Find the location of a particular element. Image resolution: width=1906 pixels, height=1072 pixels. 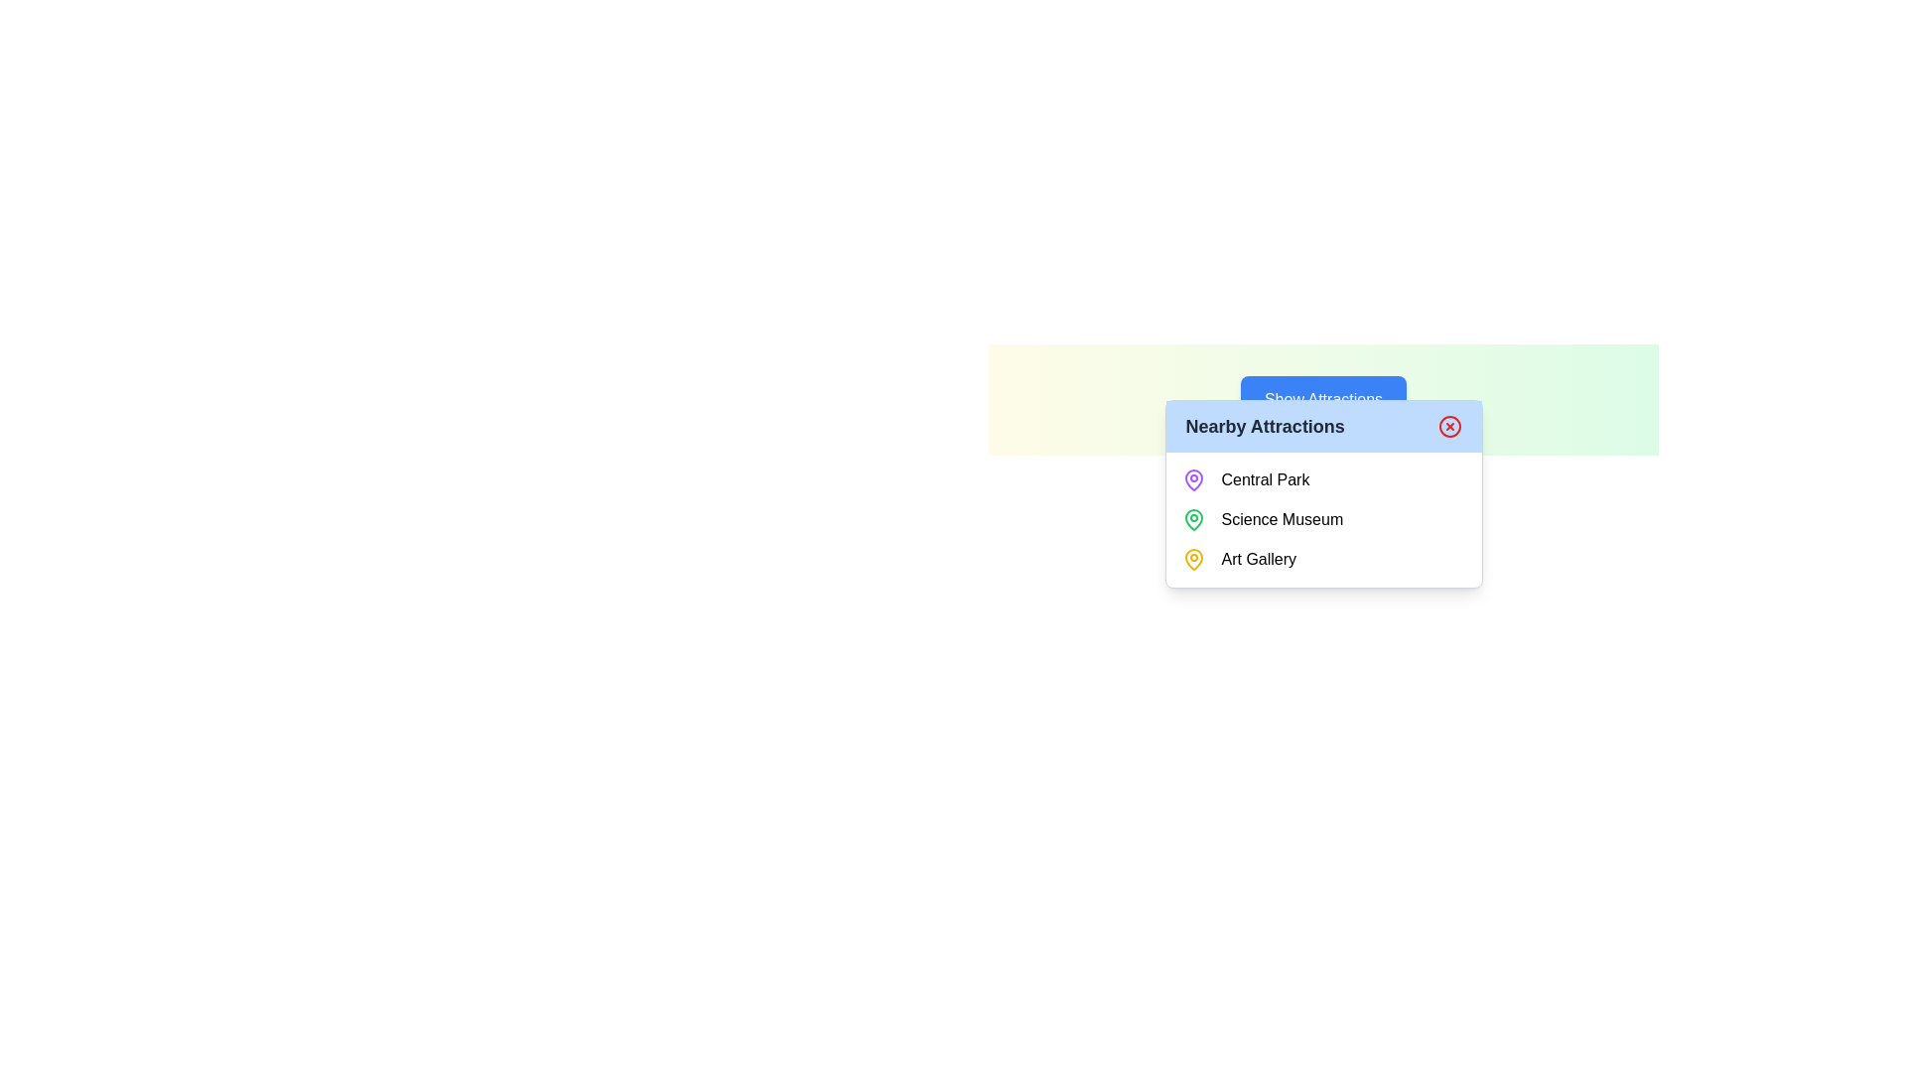

the Close button, which is a circular button with a red border and a red 'X' symbol located at the top-right corner of the 'Nearby Attractions' header is located at coordinates (1449, 425).